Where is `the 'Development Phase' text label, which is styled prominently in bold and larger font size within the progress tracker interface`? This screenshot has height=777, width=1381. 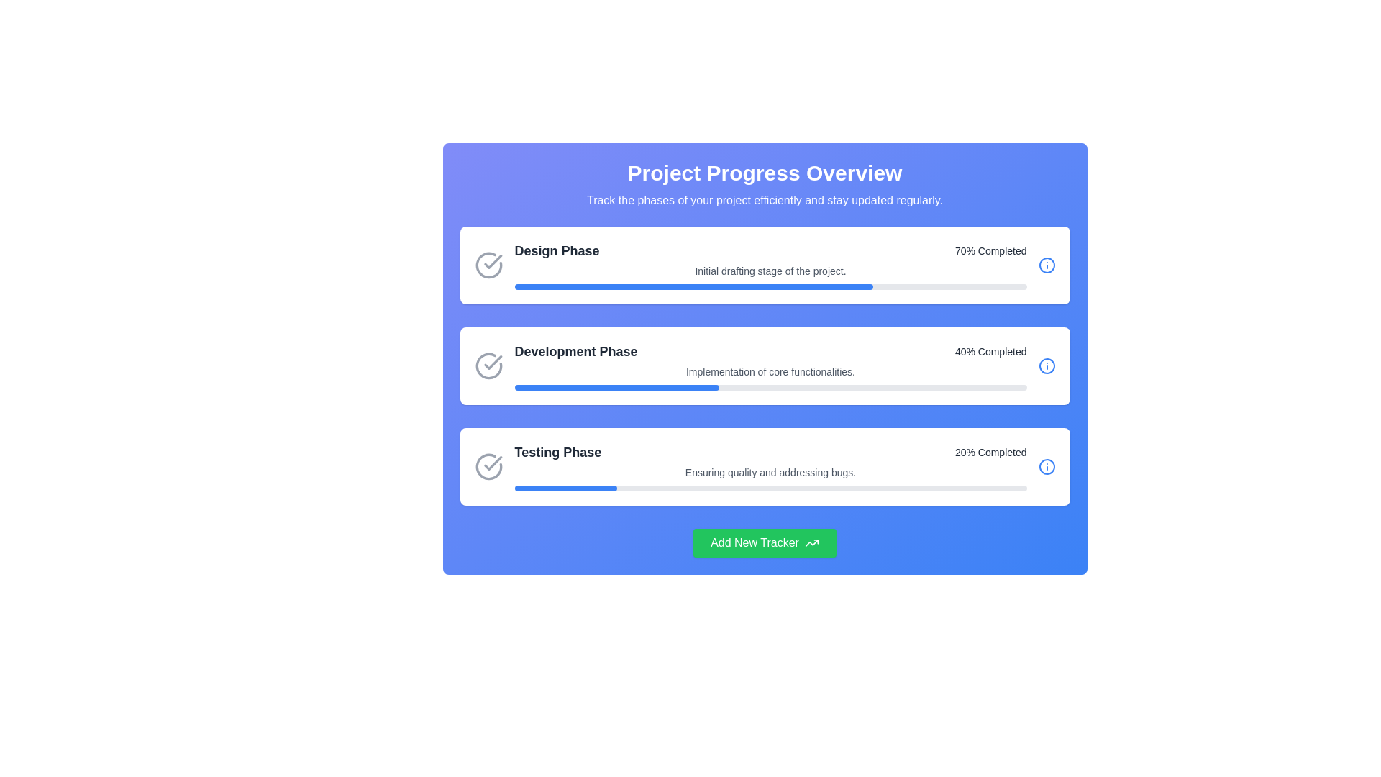 the 'Development Phase' text label, which is styled prominently in bold and larger font size within the progress tracker interface is located at coordinates (576, 352).